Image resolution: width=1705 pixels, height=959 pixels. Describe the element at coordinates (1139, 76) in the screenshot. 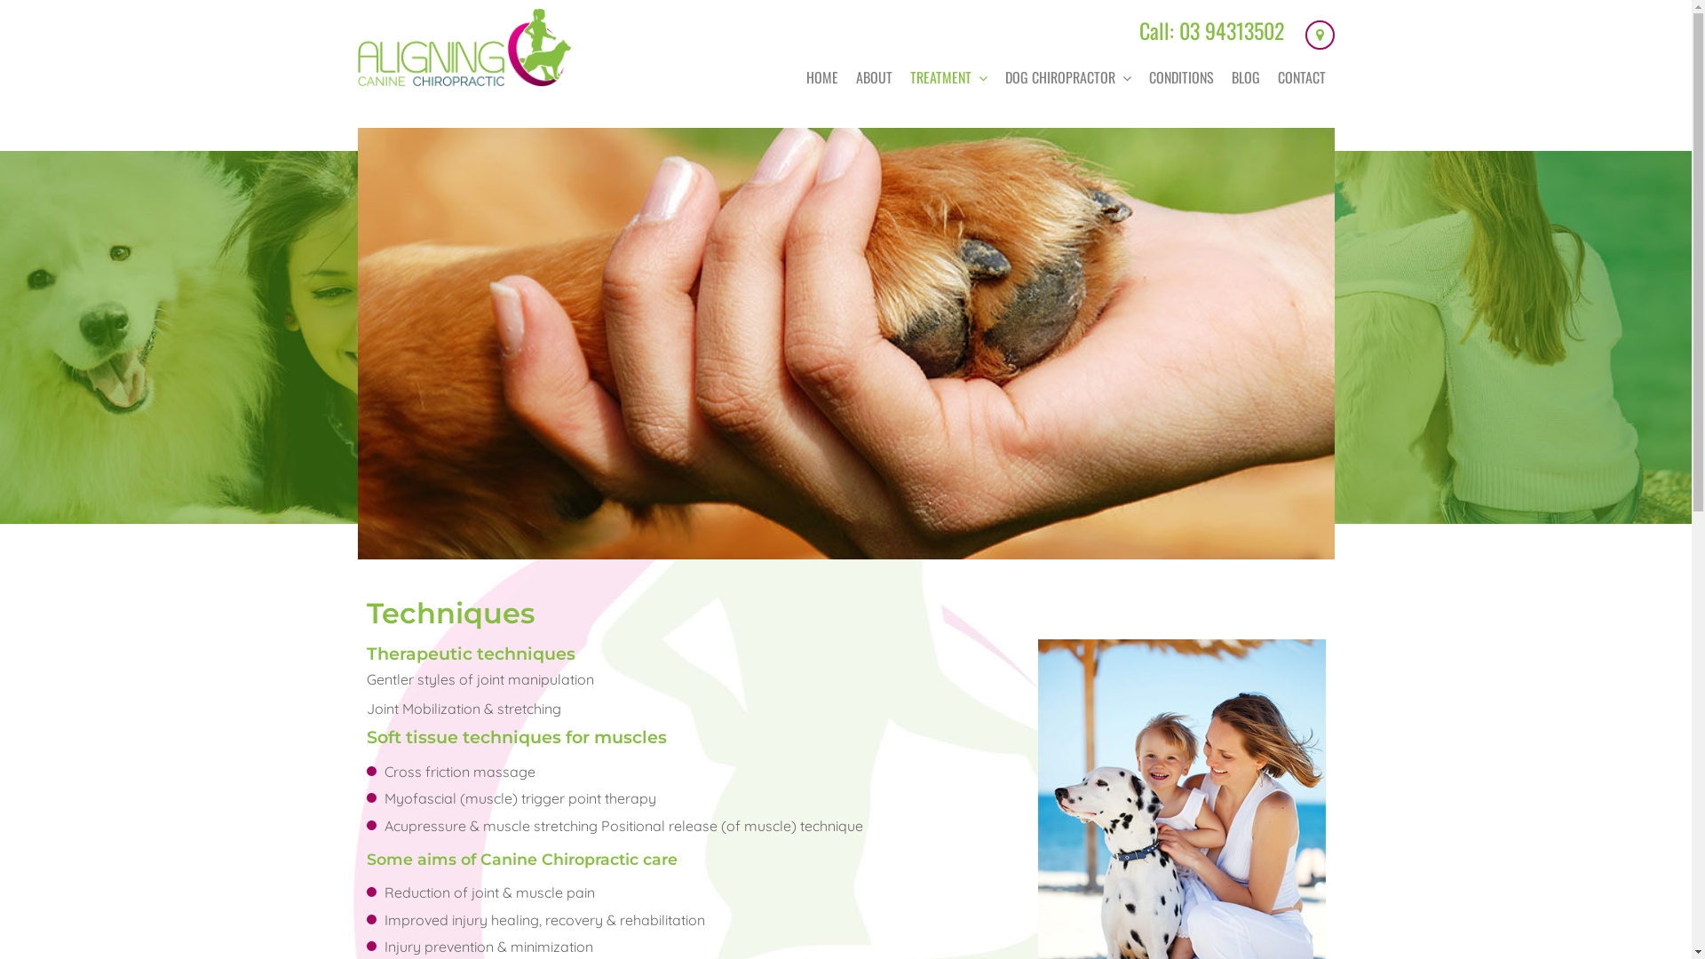

I see `'CONDITIONS'` at that location.